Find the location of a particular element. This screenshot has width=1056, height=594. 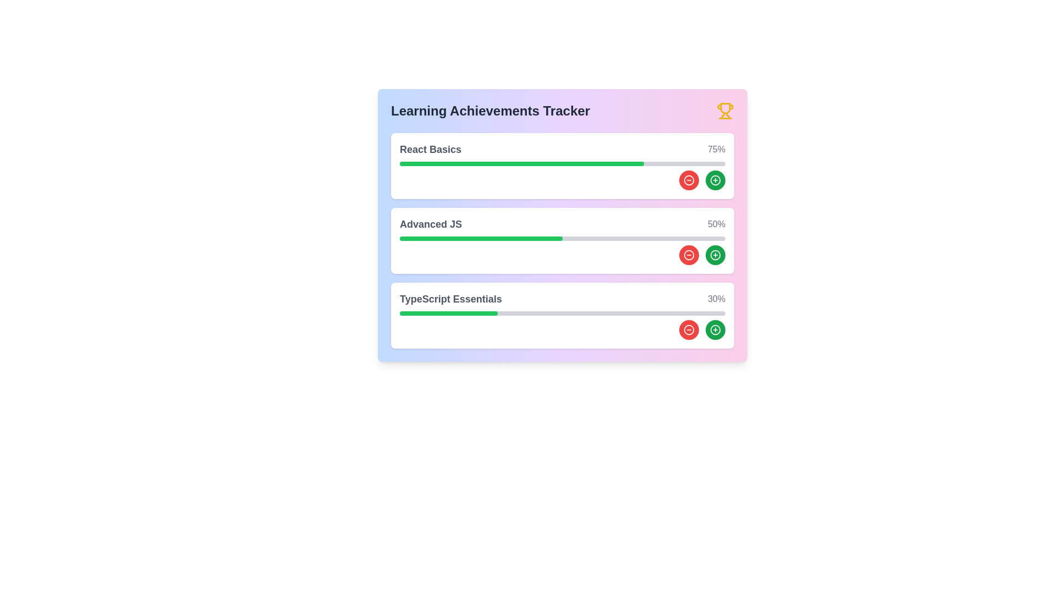

the circular green button with a plus sign icon in the Learning Achievements Tracker interface to visualize the hover effect is located at coordinates (715, 179).